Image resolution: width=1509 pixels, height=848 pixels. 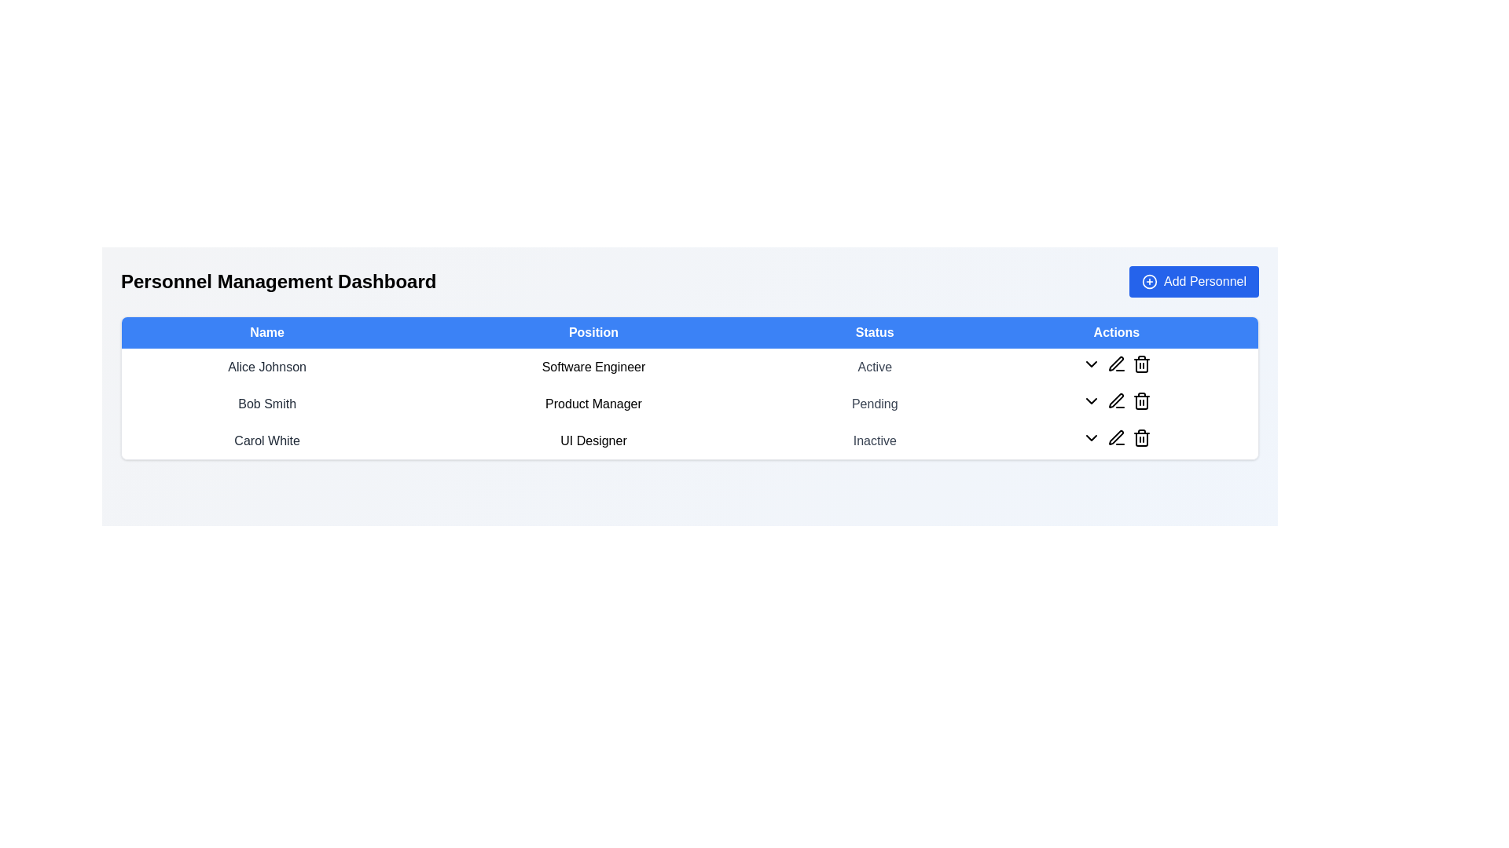 What do you see at coordinates (1141, 366) in the screenshot?
I see `the trash can icon located in the 'Actions' column of the first row in the personnel management table` at bounding box center [1141, 366].